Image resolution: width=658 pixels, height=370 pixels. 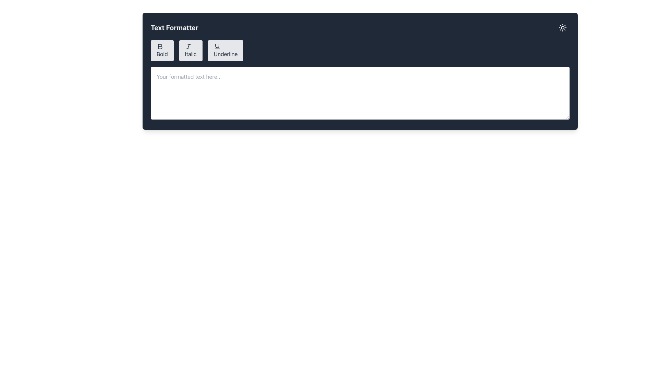 I want to click on the 'Bold' formatting icon located within the first button of the formatting options toolbar at the top-left corner of the text editor, so click(x=159, y=46).